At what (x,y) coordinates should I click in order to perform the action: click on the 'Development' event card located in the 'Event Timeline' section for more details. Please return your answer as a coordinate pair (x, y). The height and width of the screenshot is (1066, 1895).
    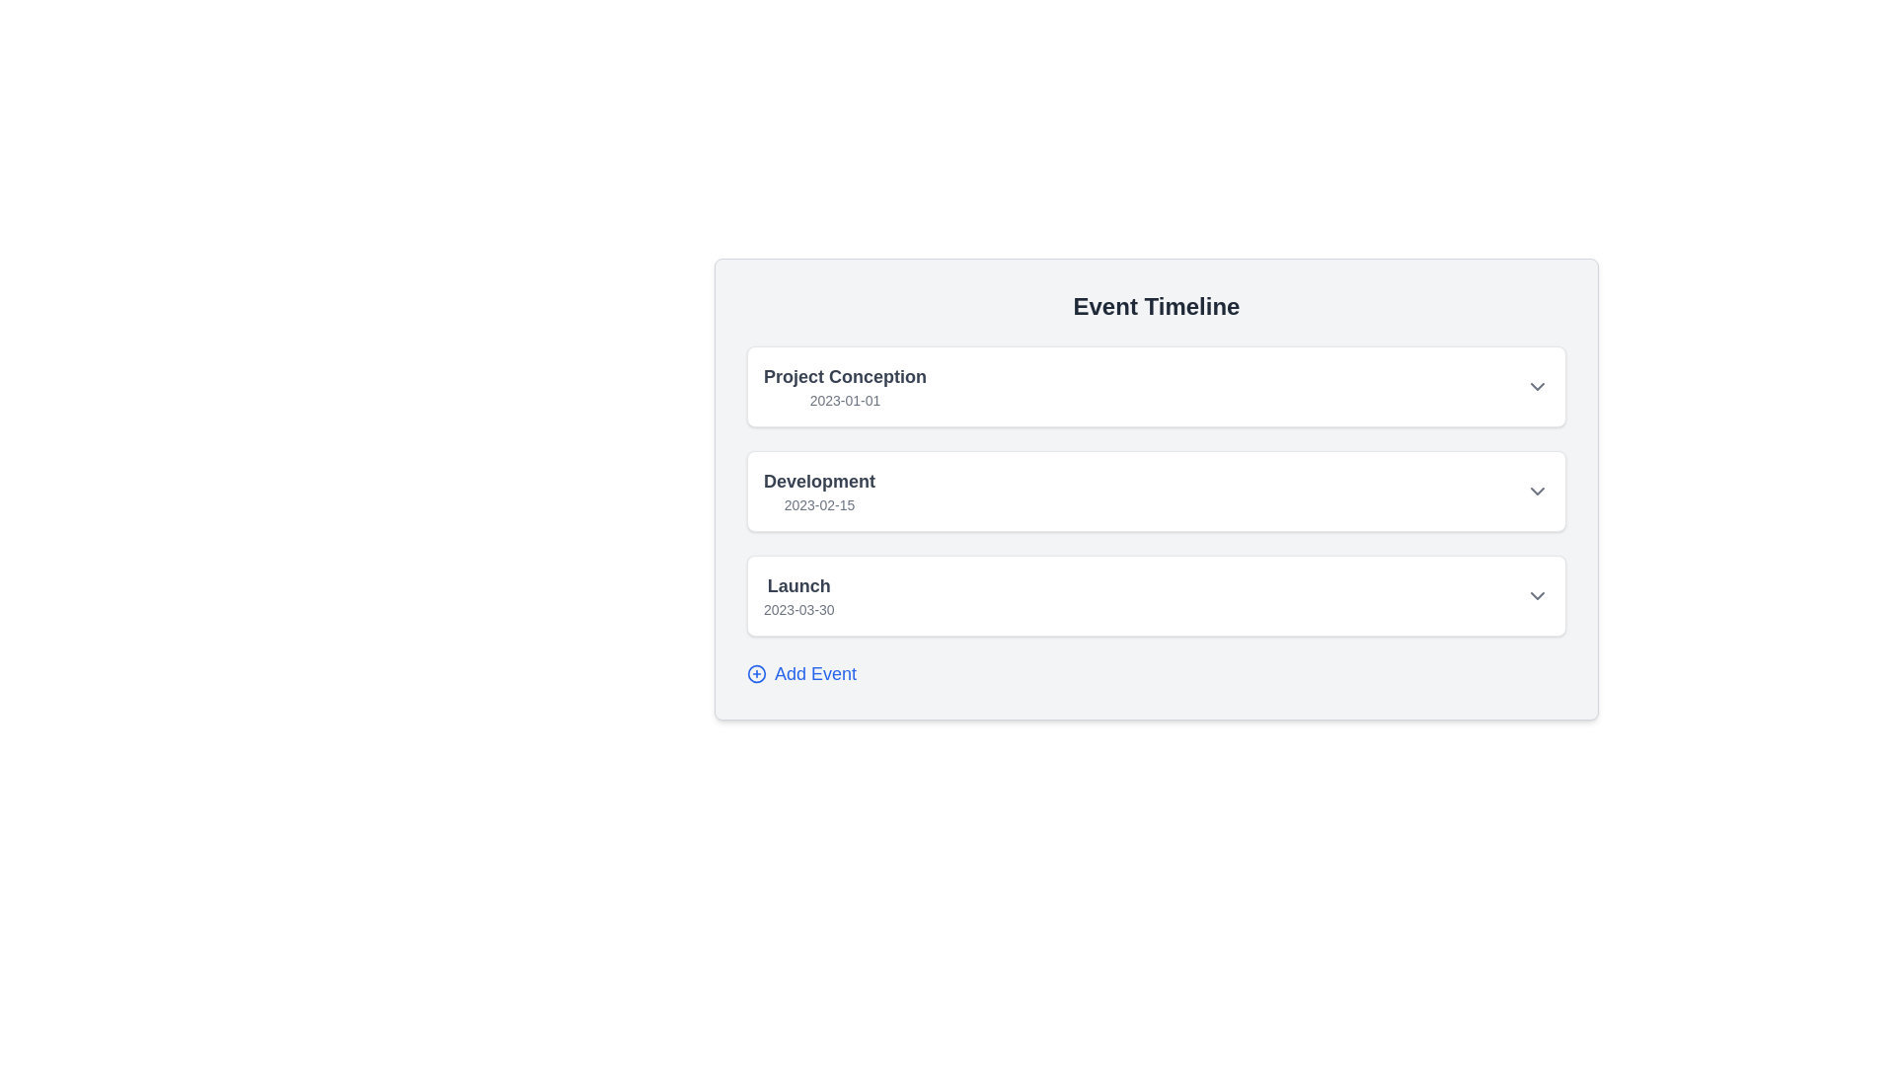
    Looking at the image, I should click on (1156, 489).